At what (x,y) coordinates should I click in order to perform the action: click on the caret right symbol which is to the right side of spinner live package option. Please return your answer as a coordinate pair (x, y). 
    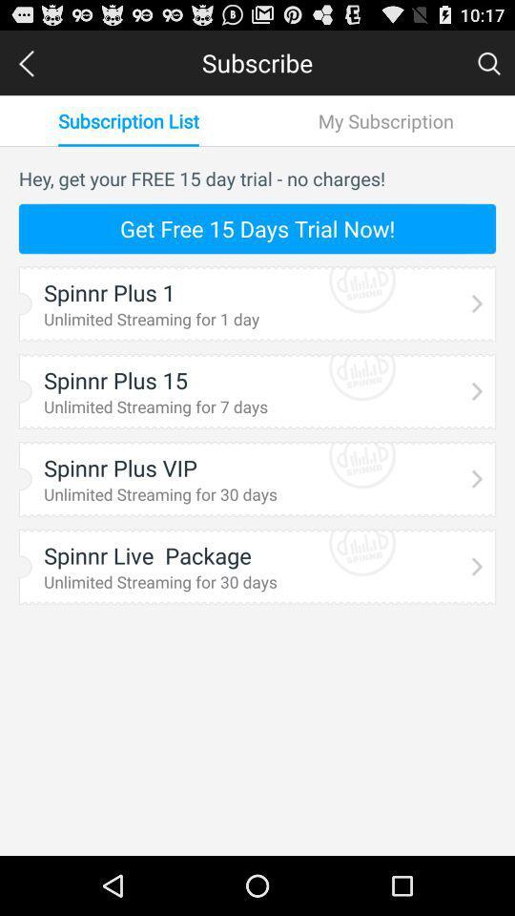
    Looking at the image, I should click on (477, 566).